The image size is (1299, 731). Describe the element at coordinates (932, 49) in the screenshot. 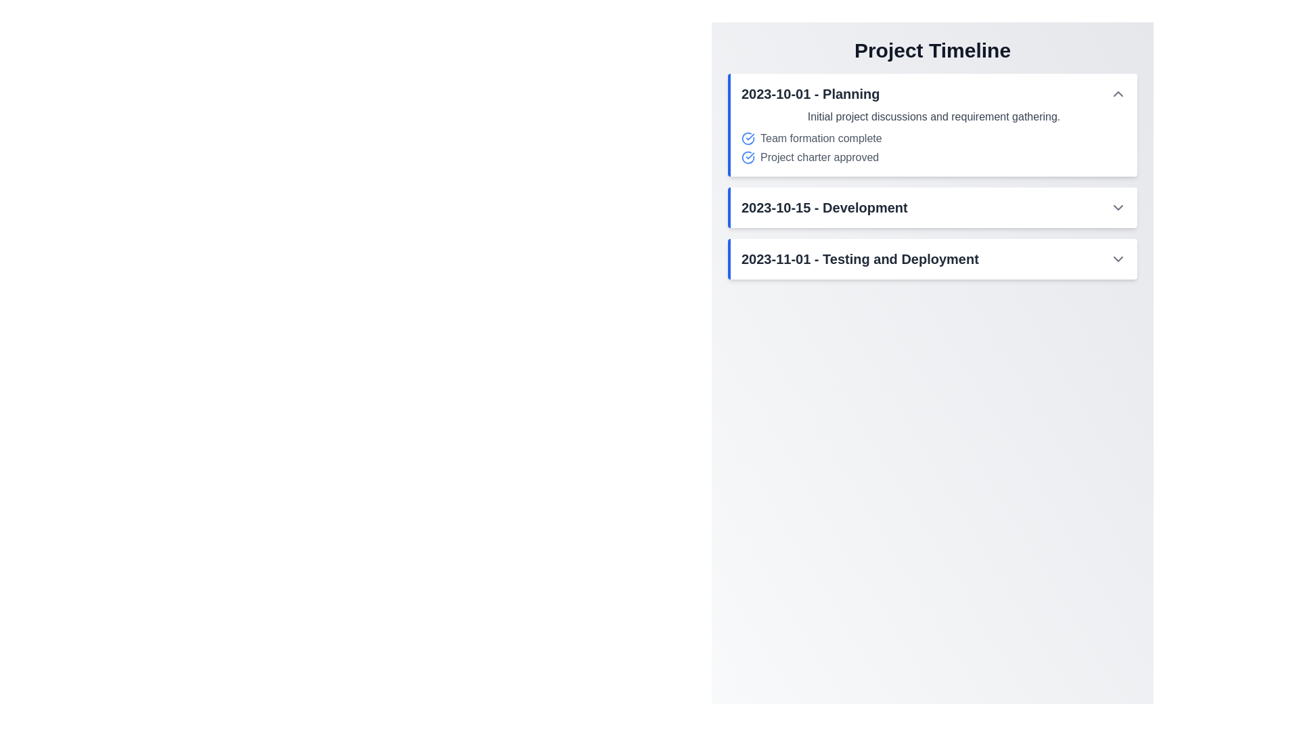

I see `the prominently displayed heading labeled 'Project Timeline' which is styled in bold, large font and positioned at the top-center of the layout` at that location.